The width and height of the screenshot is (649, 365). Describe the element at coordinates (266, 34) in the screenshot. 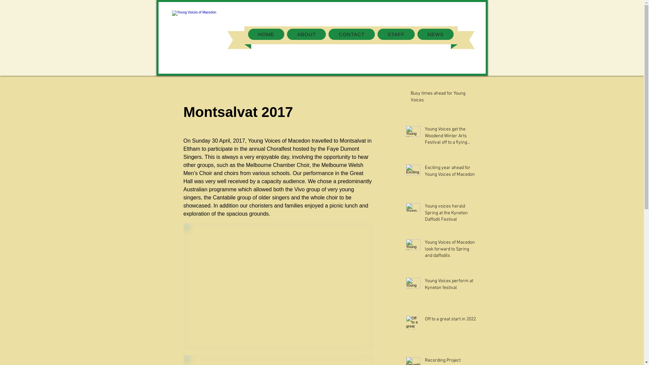

I see `'HOME'` at that location.